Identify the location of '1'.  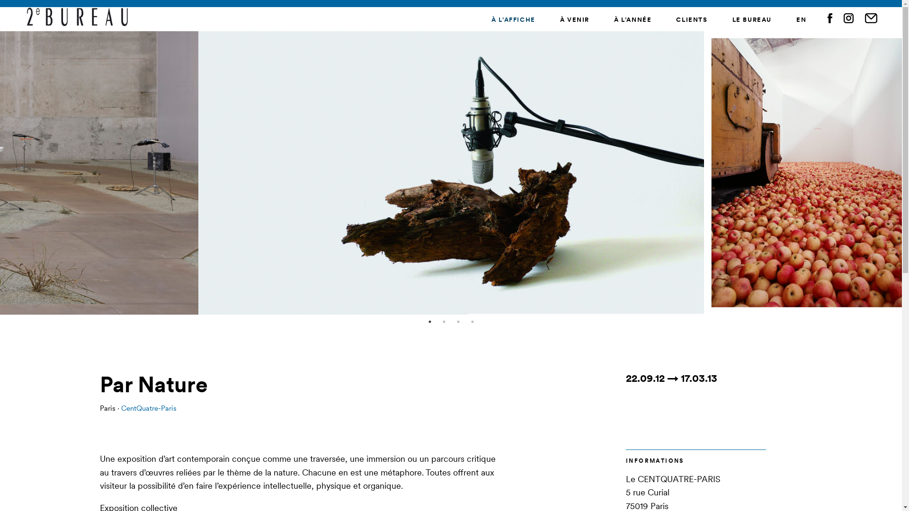
(429, 321).